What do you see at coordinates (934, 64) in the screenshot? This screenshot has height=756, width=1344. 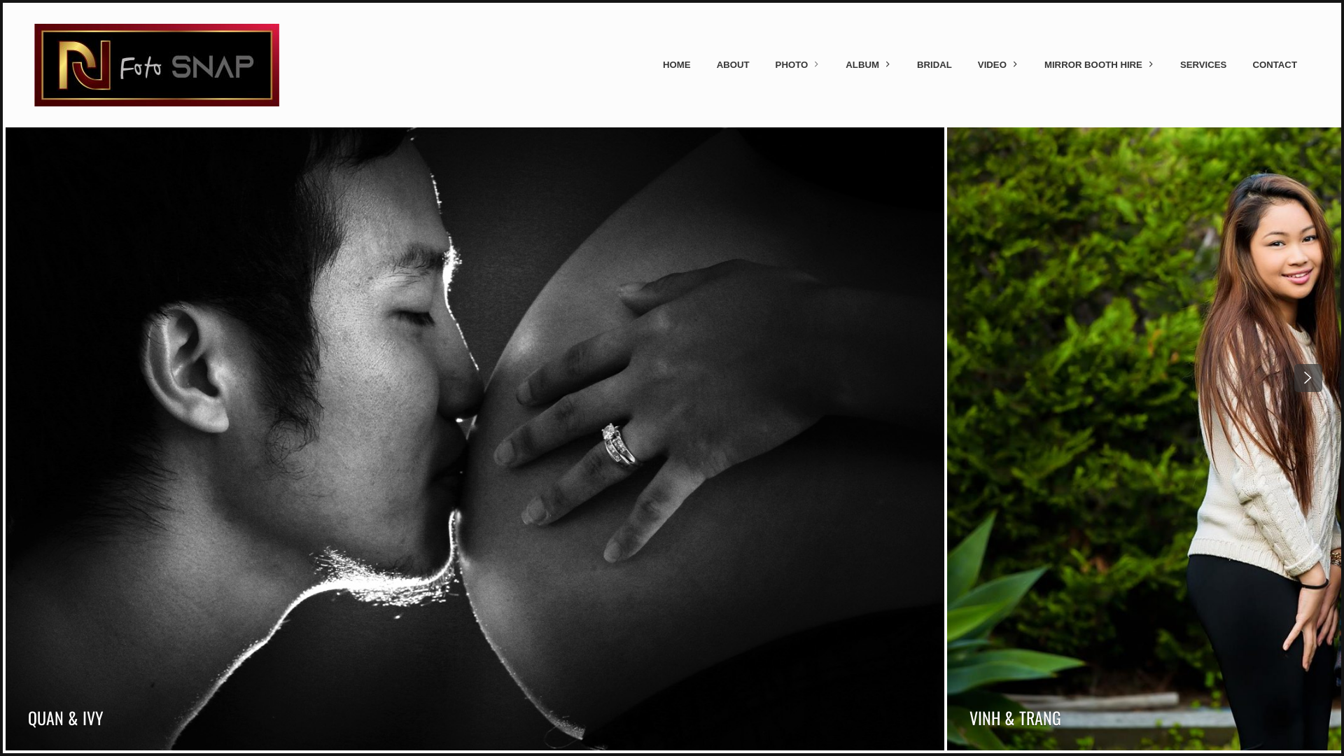 I see `'BRIDAL'` at bounding box center [934, 64].